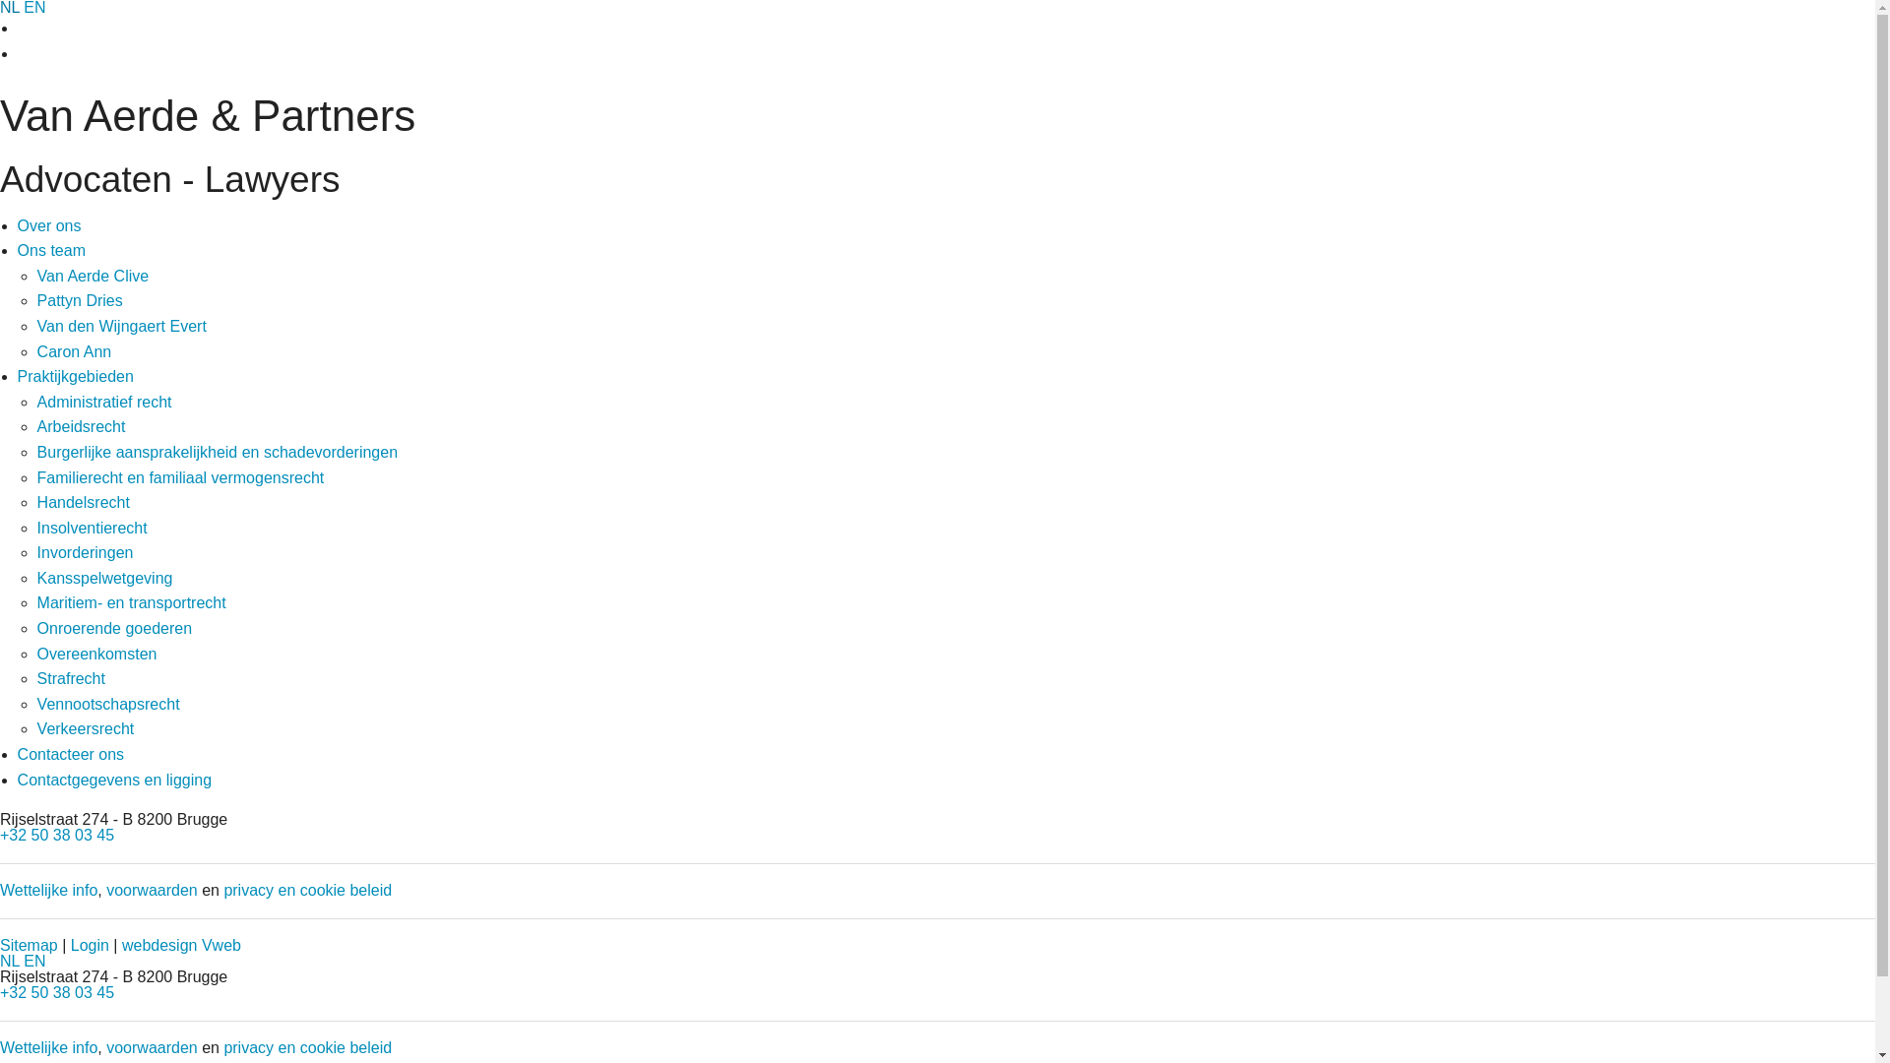 The width and height of the screenshot is (1890, 1063). Describe the element at coordinates (56, 992) in the screenshot. I see `'+32 50 38 03 45'` at that location.